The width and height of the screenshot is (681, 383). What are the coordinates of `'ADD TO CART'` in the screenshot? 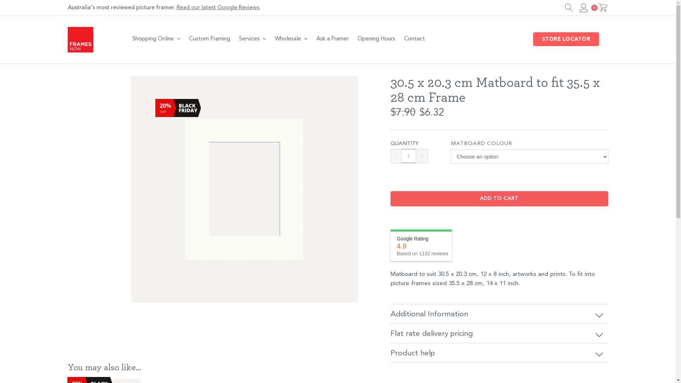 It's located at (498, 199).